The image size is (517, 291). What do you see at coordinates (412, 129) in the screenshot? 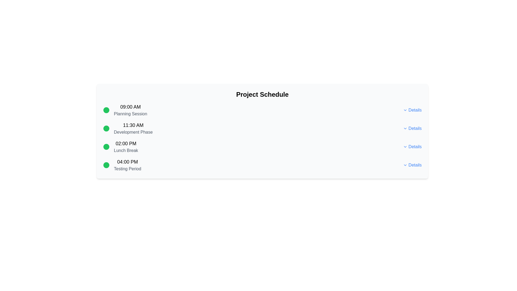
I see `the 'Details' button located on the far right of the item row containing '11:30 AM Development Phase'` at bounding box center [412, 129].